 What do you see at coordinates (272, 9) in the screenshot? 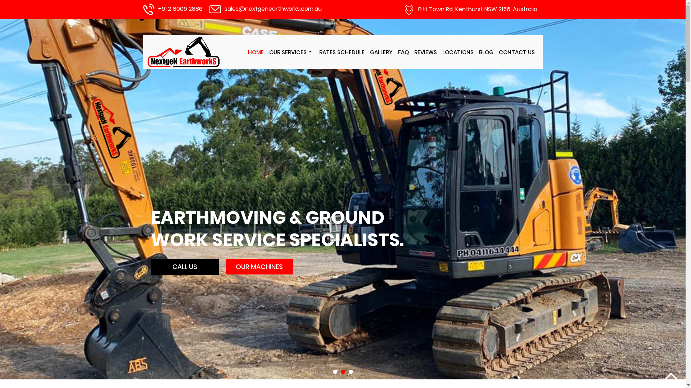
I see `'sales@nextgenearthworks.com.au'` at bounding box center [272, 9].